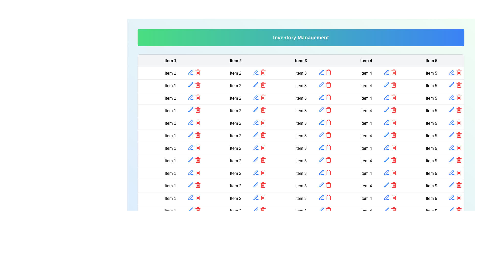  What do you see at coordinates (366, 61) in the screenshot?
I see `the table header to sort the column by Item 4` at bounding box center [366, 61].